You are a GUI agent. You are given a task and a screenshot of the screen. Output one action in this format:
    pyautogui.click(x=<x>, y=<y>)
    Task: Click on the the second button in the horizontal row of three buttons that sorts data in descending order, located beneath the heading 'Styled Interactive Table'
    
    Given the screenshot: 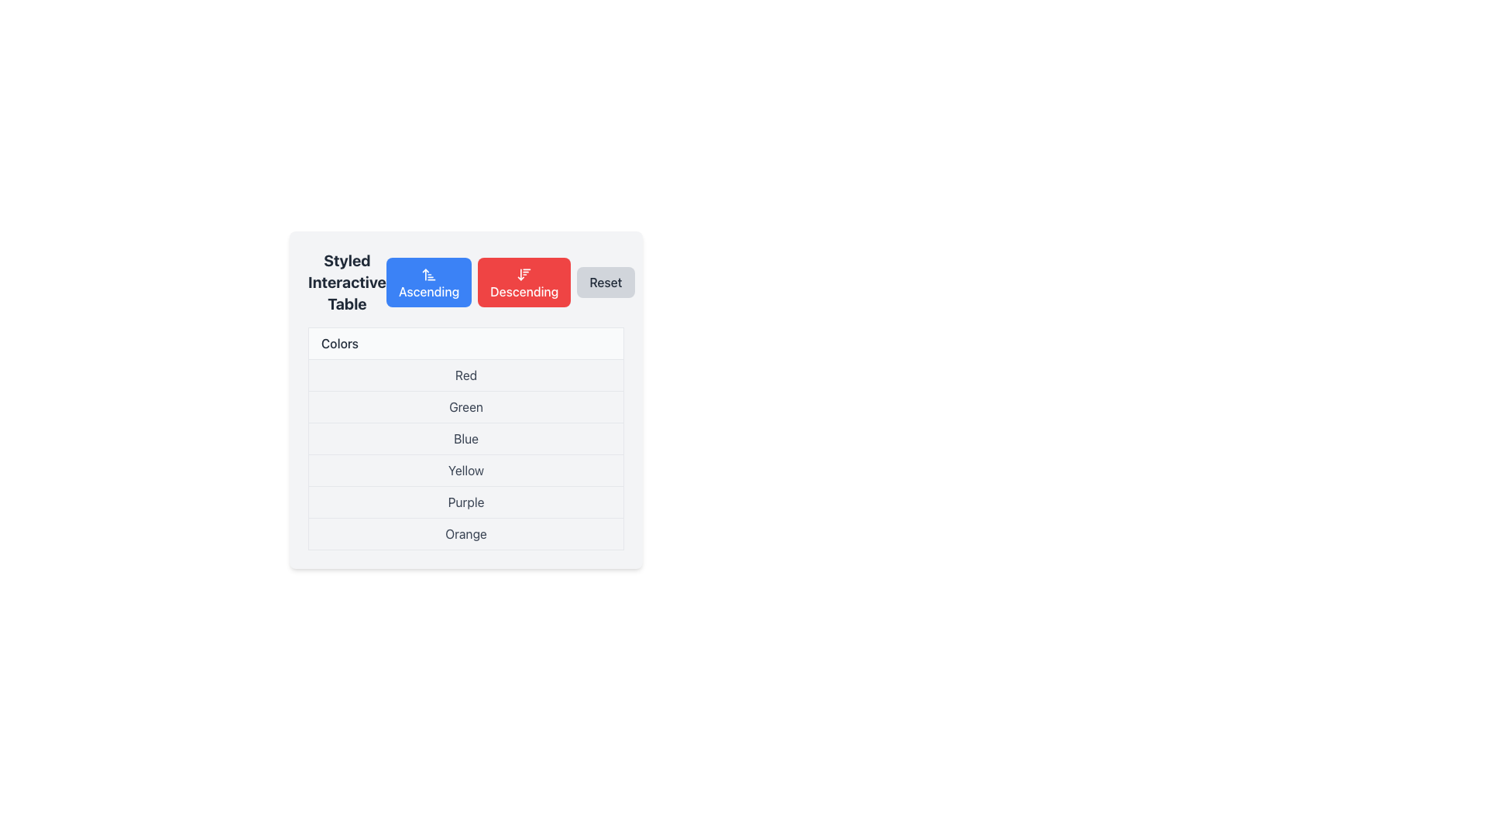 What is the action you would take?
    pyautogui.click(x=510, y=283)
    